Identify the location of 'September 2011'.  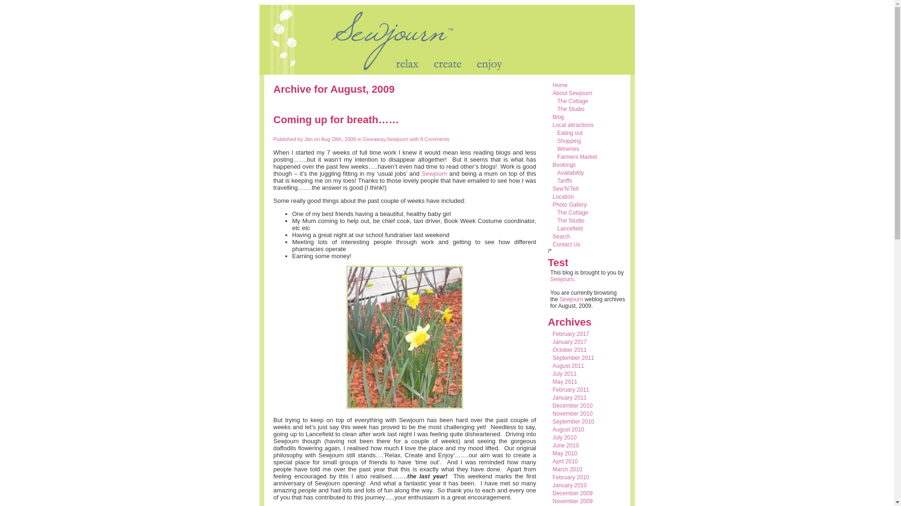
(552, 357).